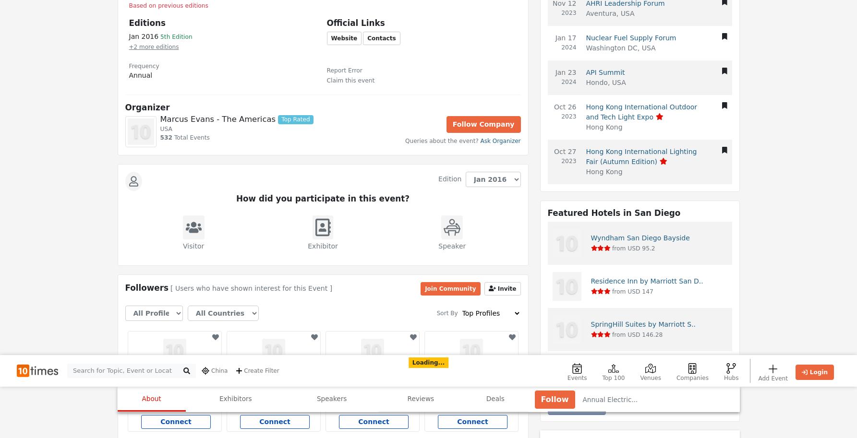  I want to click on 'All Events in San Diego', so click(341, 296).